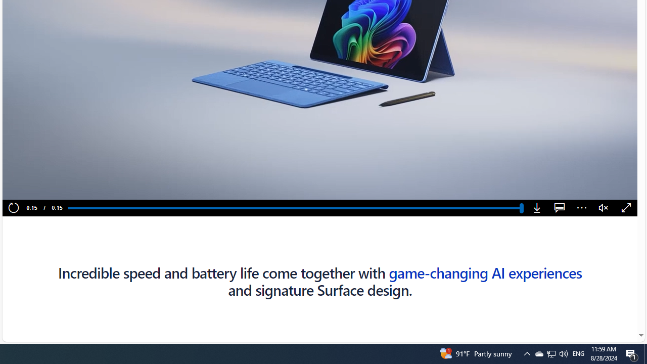 This screenshot has height=364, width=647. I want to click on 'Unmute', so click(604, 208).